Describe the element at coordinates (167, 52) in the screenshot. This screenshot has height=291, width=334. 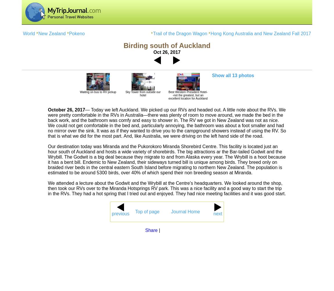
I see `'Oct 26, 2017'` at that location.